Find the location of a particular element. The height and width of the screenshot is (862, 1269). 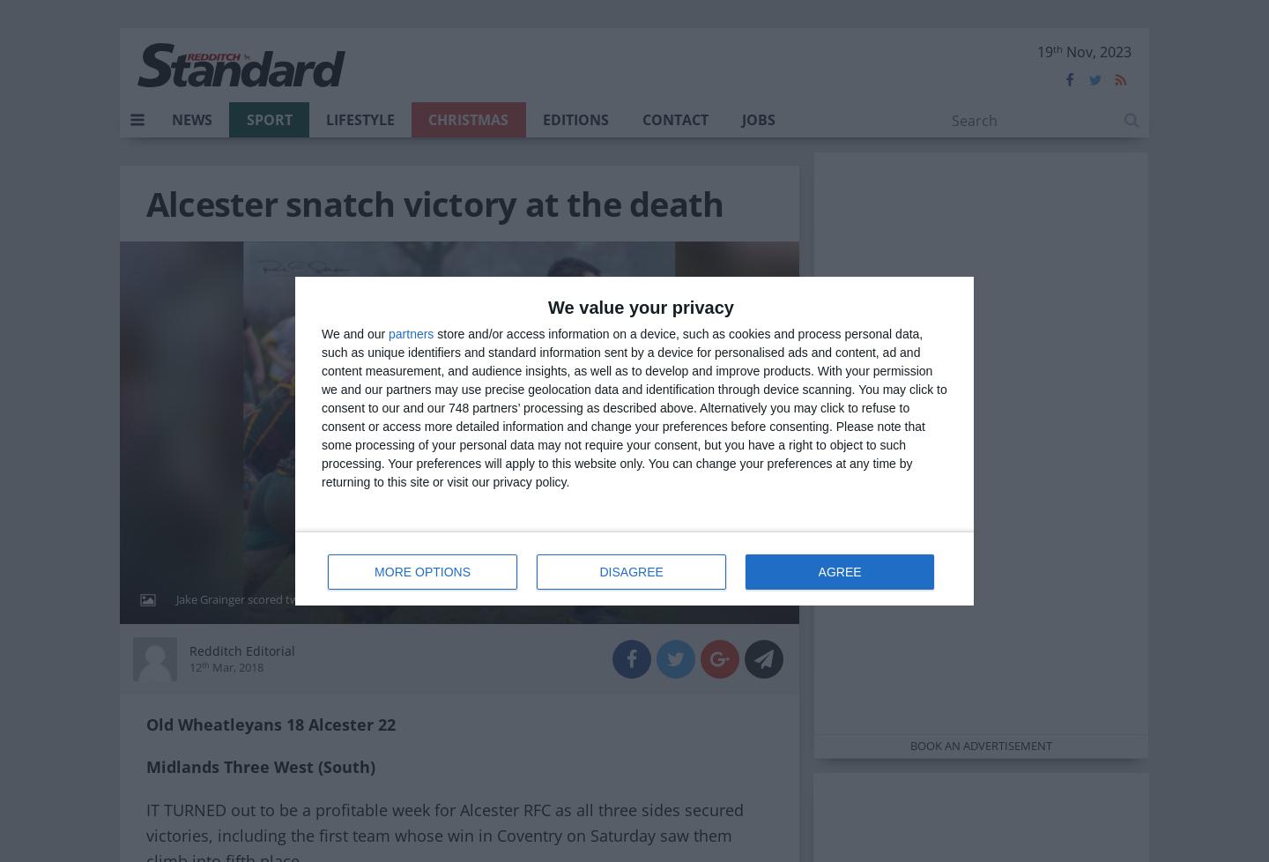

'Jobs' is located at coordinates (757, 120).